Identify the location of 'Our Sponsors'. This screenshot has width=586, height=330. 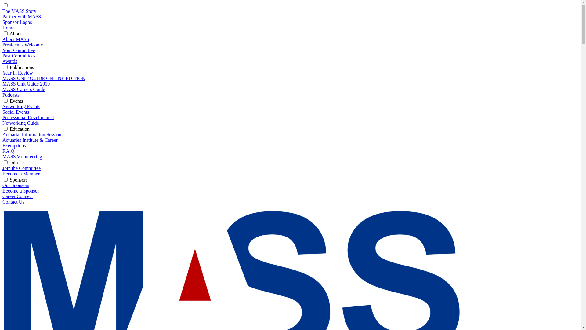
(16, 185).